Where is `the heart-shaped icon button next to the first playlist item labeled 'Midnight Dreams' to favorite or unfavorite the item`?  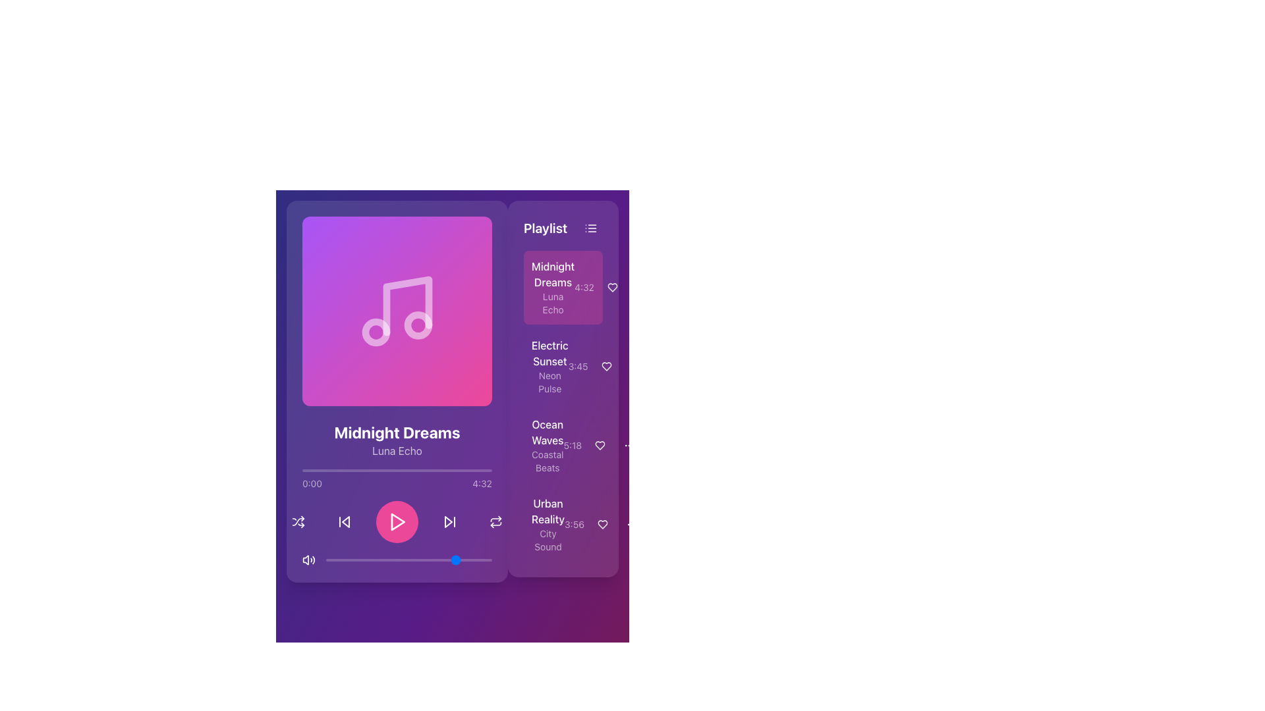
the heart-shaped icon button next to the first playlist item labeled 'Midnight Dreams' to favorite or unfavorite the item is located at coordinates (612, 286).